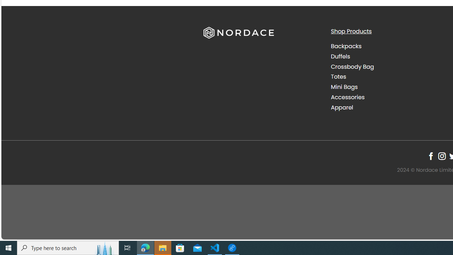 This screenshot has width=453, height=255. Describe the element at coordinates (389, 46) in the screenshot. I see `'Backpacks'` at that location.